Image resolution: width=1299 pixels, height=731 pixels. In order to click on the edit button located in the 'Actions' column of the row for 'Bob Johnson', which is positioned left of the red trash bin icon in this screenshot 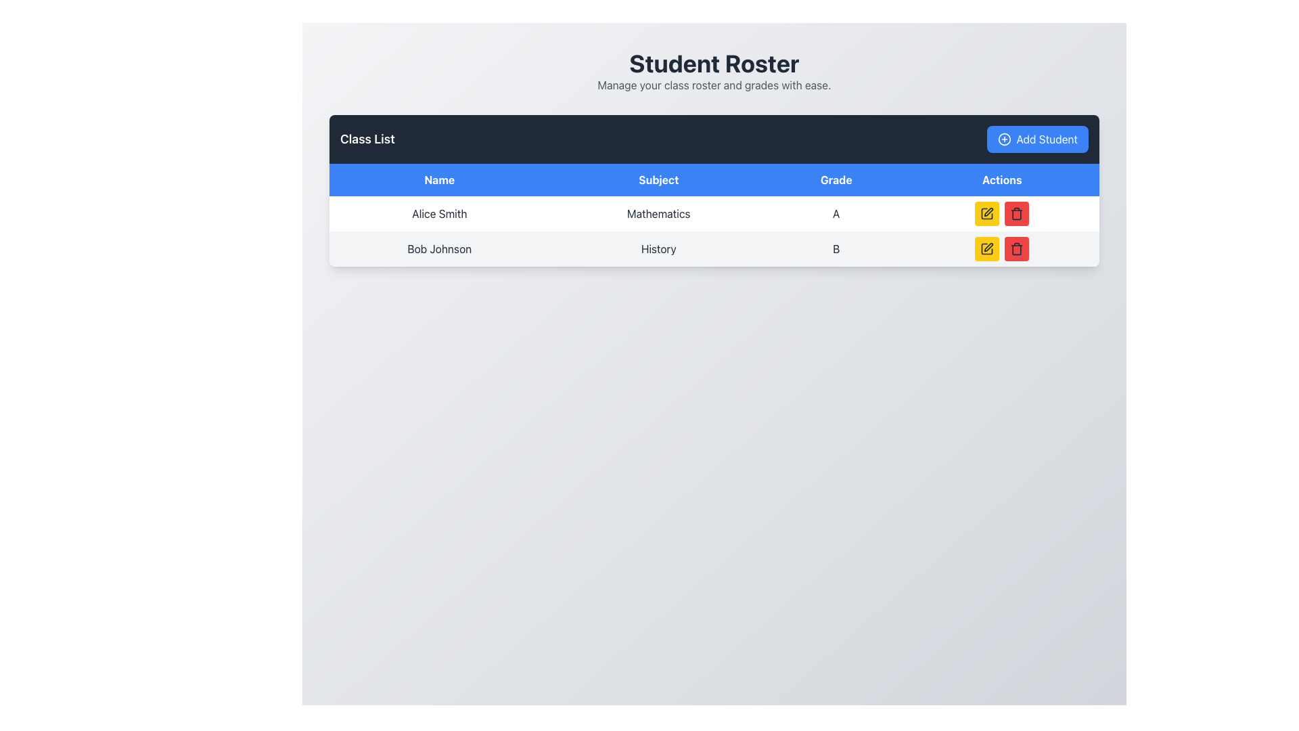, I will do `click(987, 213)`.